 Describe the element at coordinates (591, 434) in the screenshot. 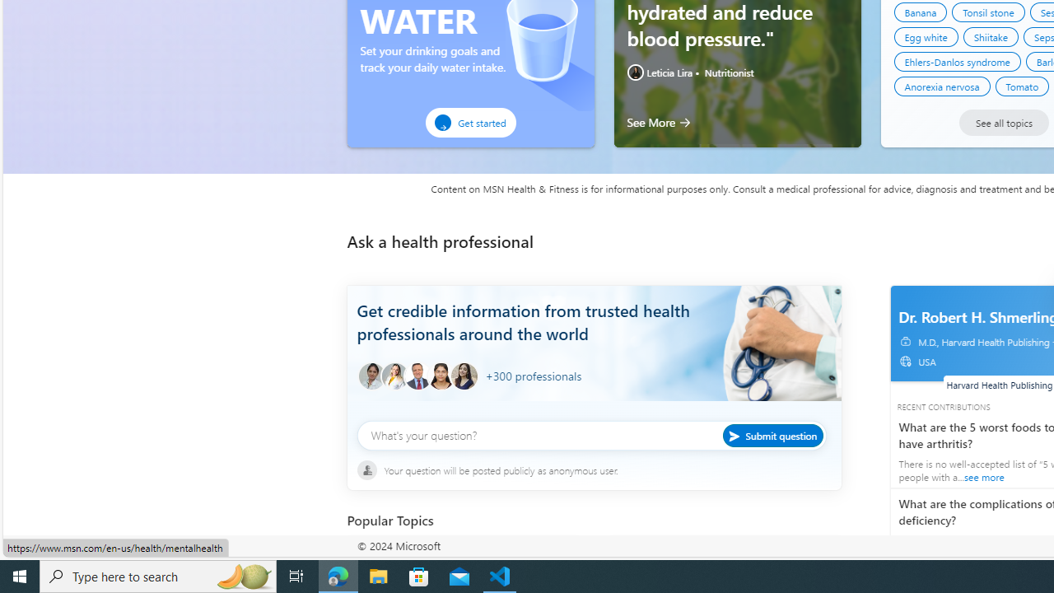

I see `'What'` at that location.